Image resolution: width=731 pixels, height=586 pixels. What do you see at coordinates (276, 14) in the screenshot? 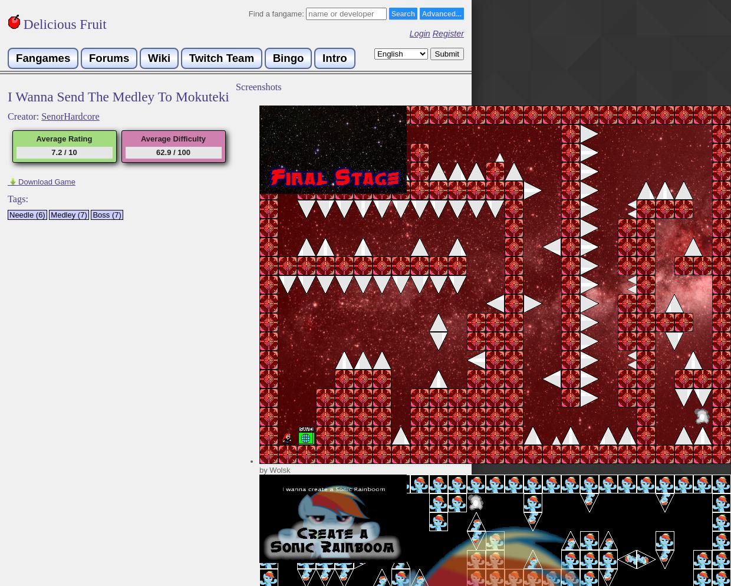
I see `'Find a fangame:'` at bounding box center [276, 14].